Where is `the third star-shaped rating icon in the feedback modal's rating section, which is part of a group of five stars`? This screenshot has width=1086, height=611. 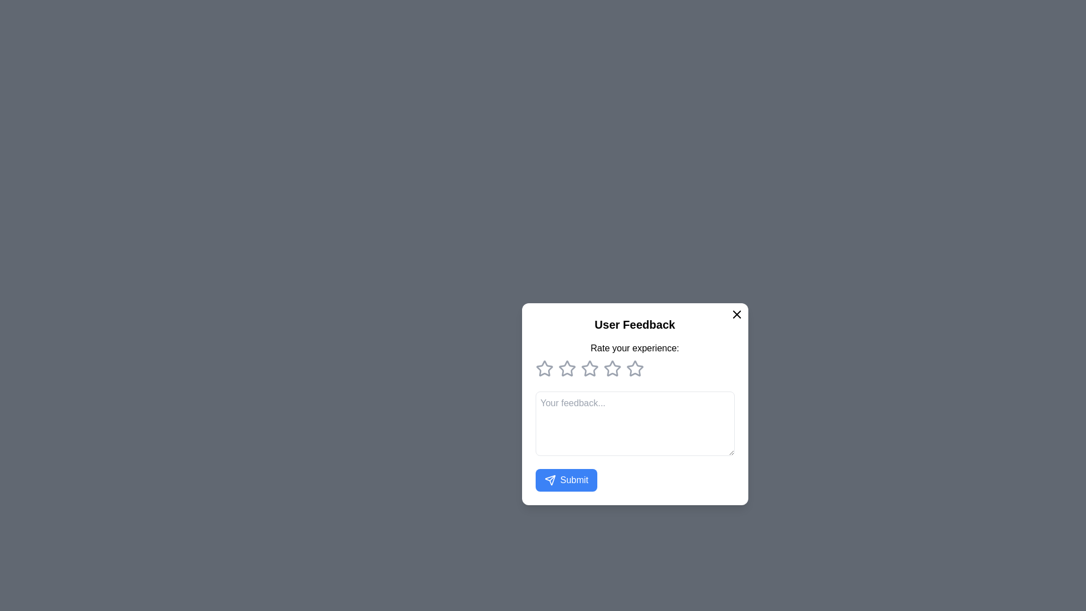
the third star-shaped rating icon in the feedback modal's rating section, which is part of a group of five stars is located at coordinates (611, 368).